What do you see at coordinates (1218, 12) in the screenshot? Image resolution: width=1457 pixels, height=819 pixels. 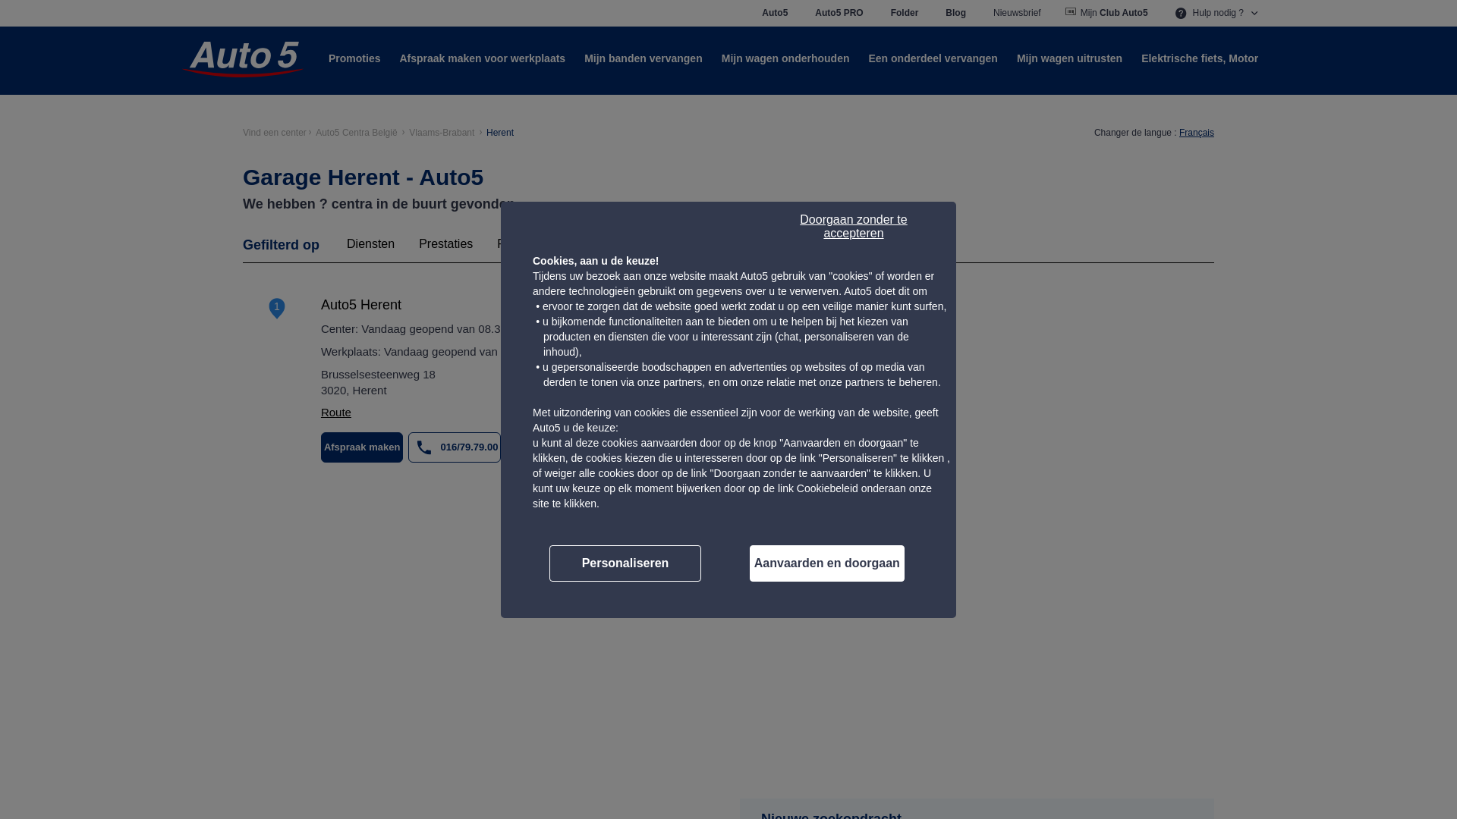 I see `'Hulp nodig ?'` at bounding box center [1218, 12].